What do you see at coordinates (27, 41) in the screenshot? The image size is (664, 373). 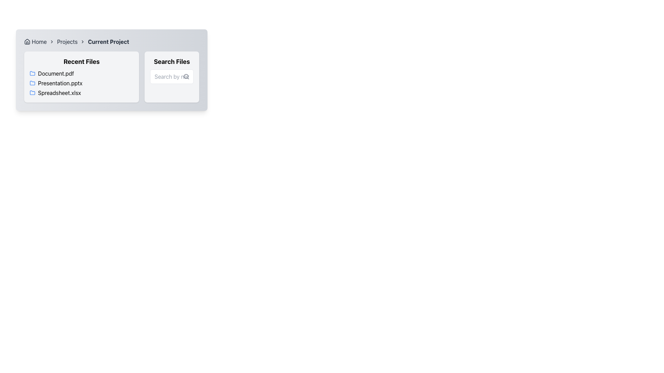 I see `the minimalist line art house icon located to the left of the 'Home' breadcrumb text` at bounding box center [27, 41].